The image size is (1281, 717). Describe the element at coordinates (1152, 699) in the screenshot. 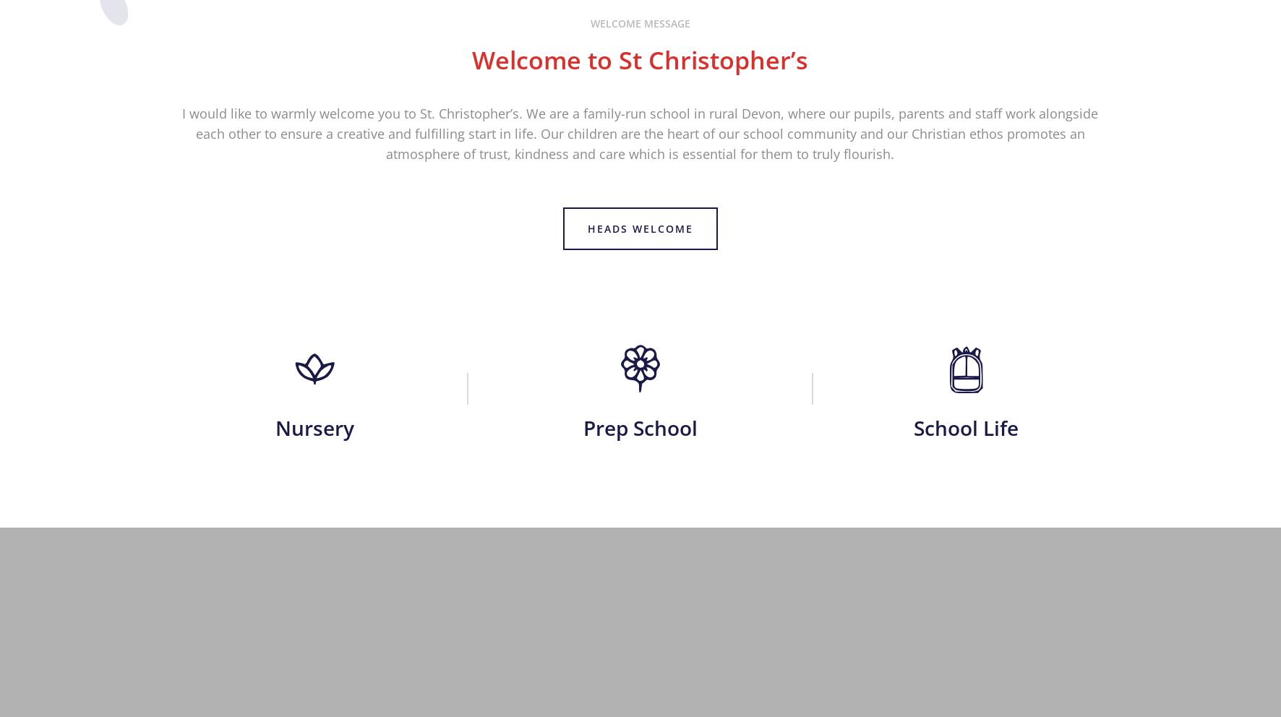

I see `'Designed by Innermedia'` at that location.